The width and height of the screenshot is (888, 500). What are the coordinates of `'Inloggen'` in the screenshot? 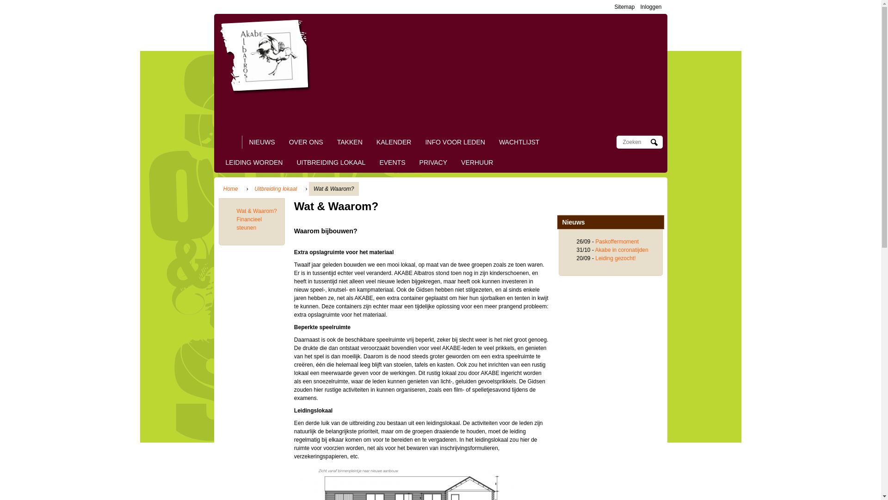 It's located at (650, 7).